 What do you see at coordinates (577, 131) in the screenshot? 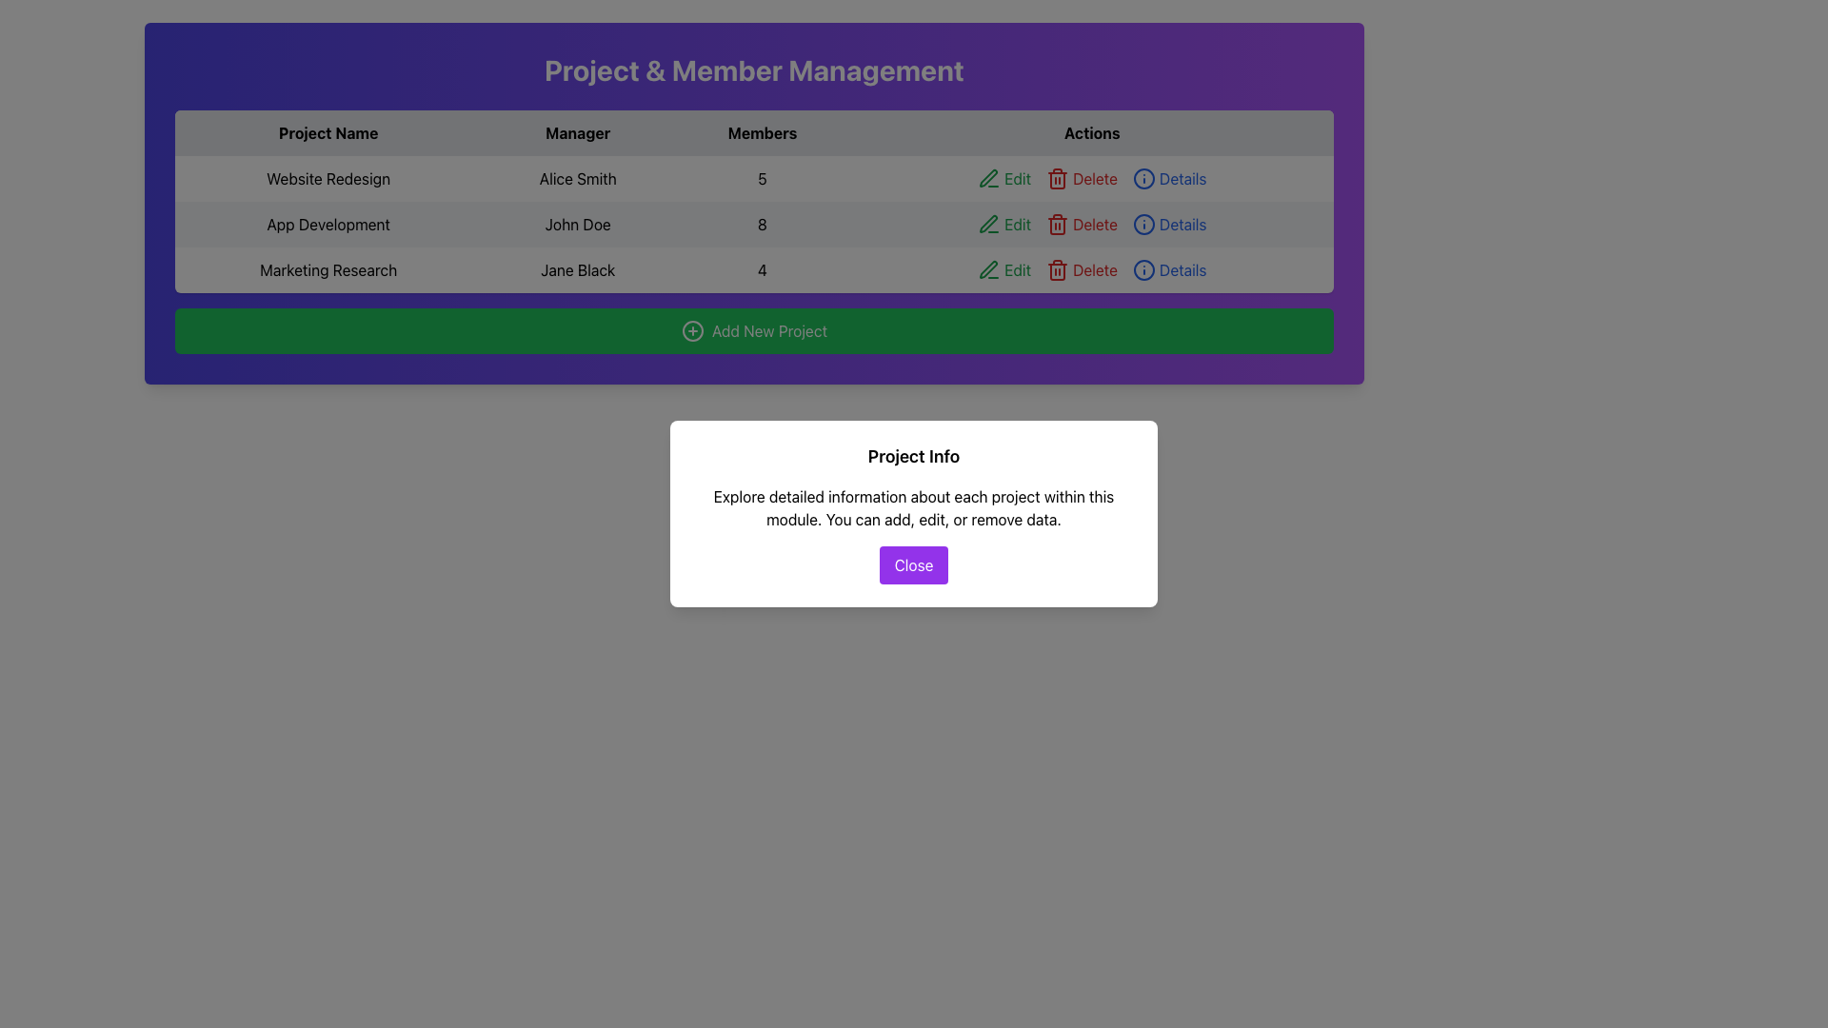
I see `the header label indicating project managers, which is the second item in a header row, positioned between 'Project Name' and 'Members'` at bounding box center [577, 131].